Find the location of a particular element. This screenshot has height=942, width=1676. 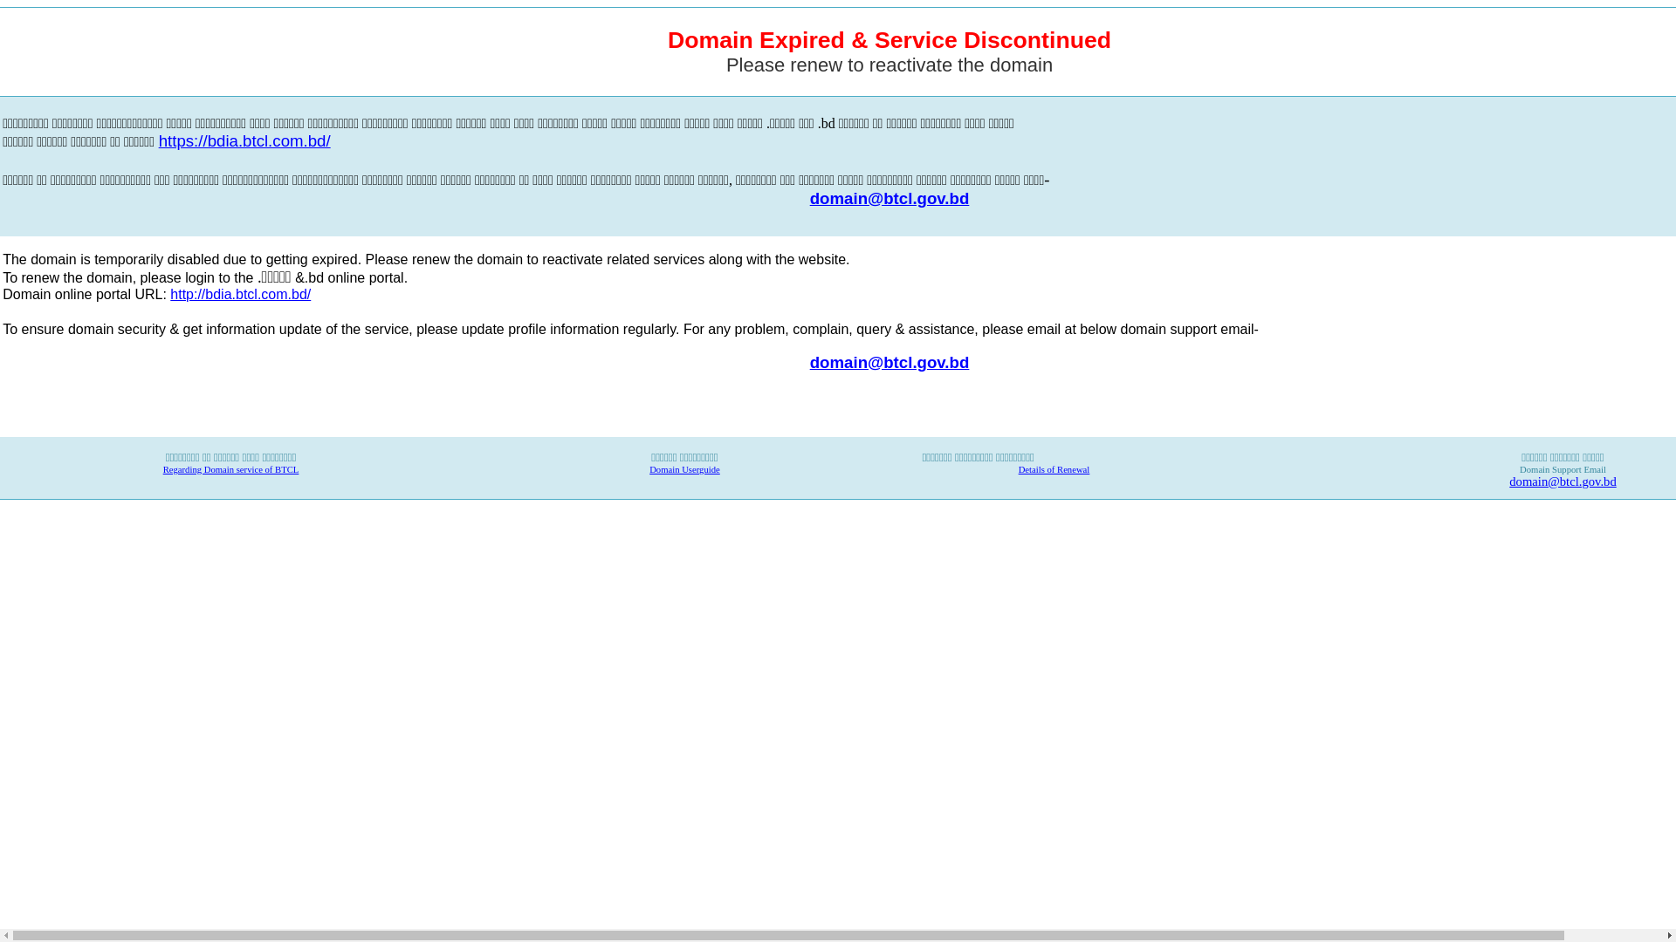

'https://bdia.btcl.com.bd/' is located at coordinates (244, 140).